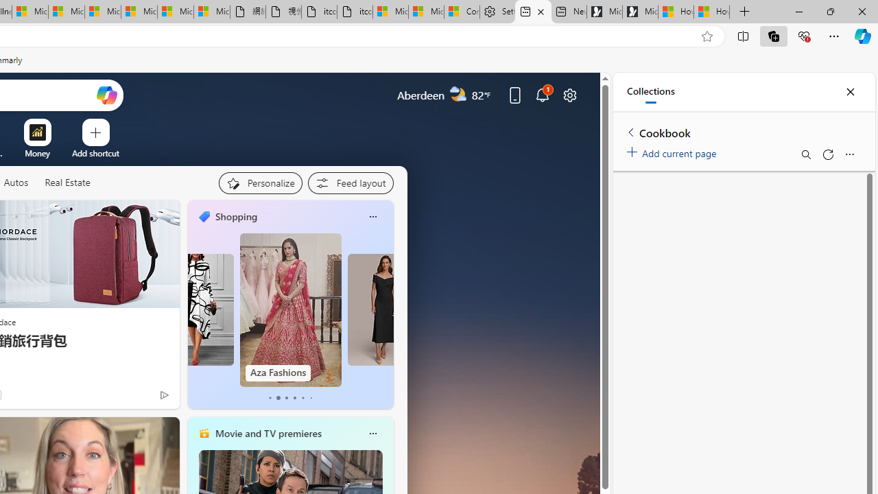  I want to click on 'Real Estate', so click(66, 183).